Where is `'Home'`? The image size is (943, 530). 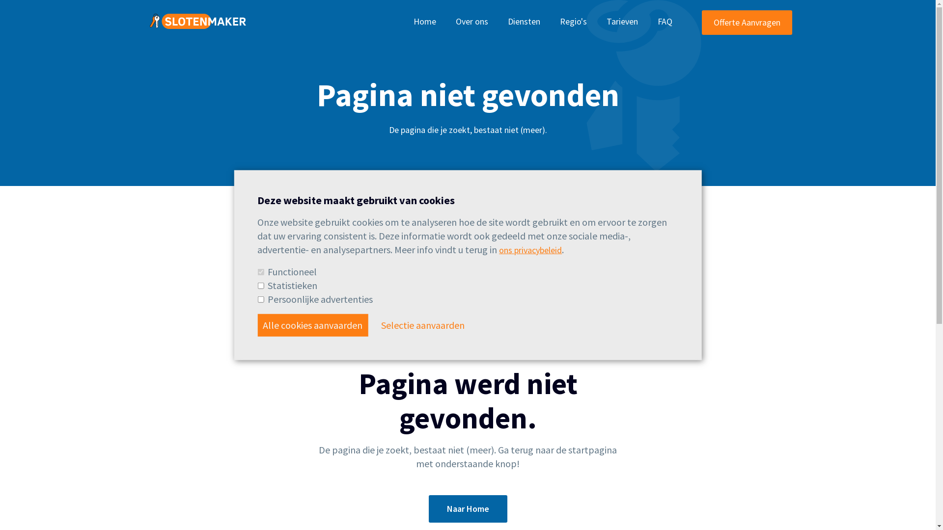 'Home' is located at coordinates (403, 21).